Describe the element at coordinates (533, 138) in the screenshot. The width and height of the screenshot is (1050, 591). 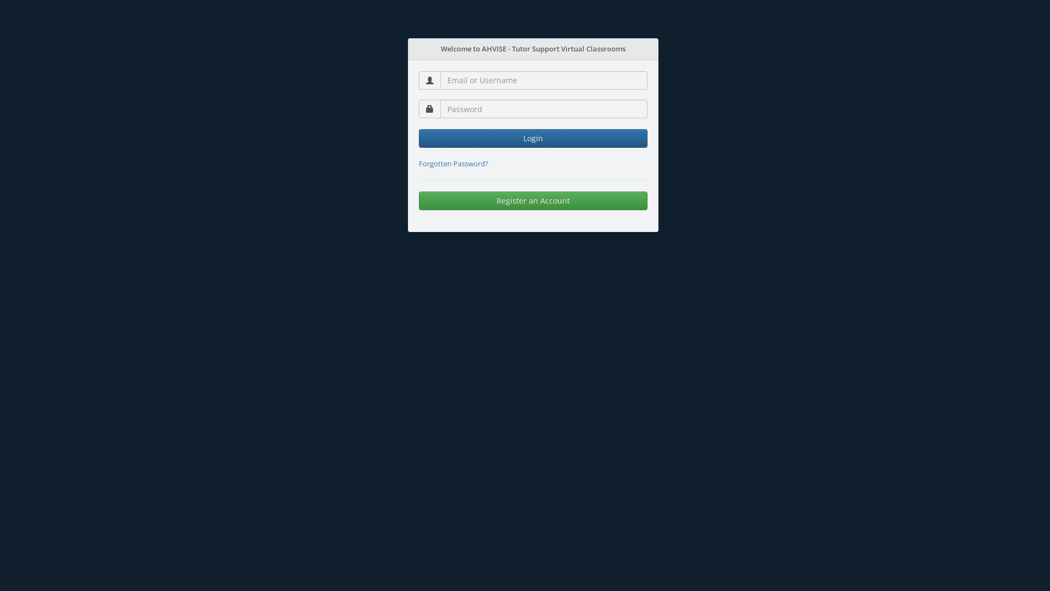
I see `'Login'` at that location.